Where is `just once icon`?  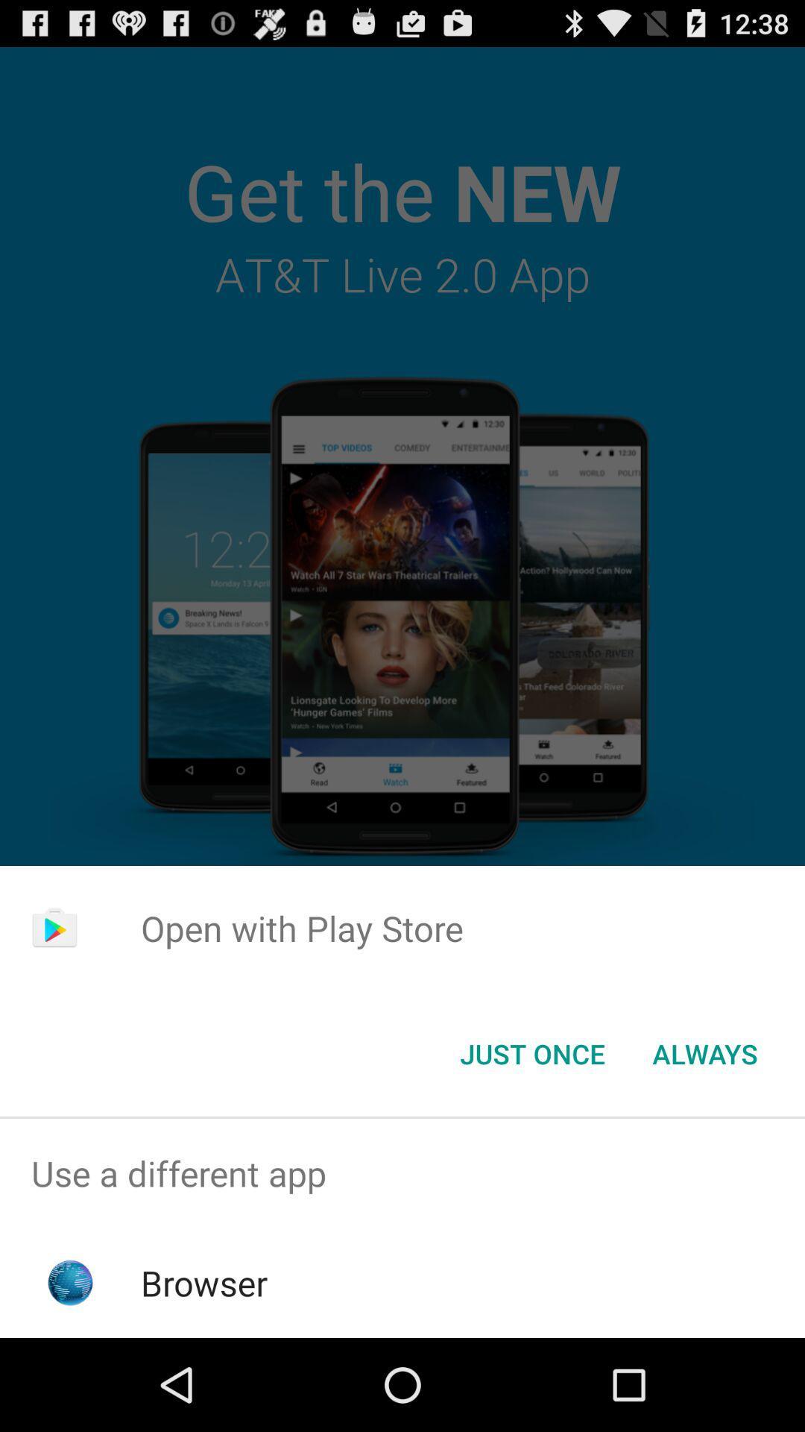
just once icon is located at coordinates (531, 1052).